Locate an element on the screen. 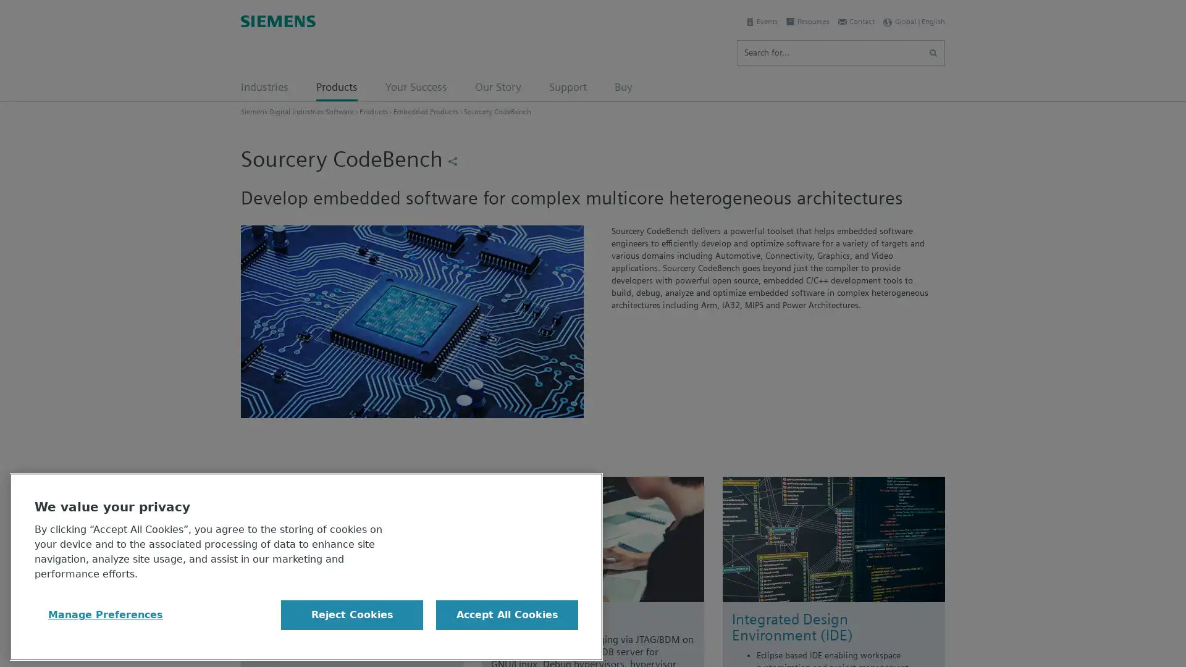 The image size is (1186, 667). Manage Preferences is located at coordinates (106, 615).